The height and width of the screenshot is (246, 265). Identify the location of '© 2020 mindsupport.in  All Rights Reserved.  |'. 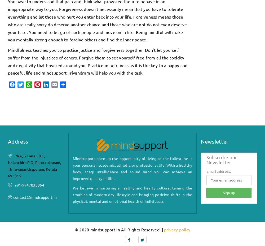
(119, 229).